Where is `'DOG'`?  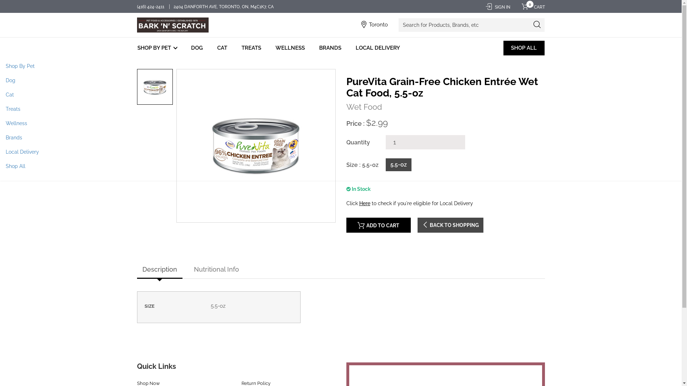
'DOG' is located at coordinates (189, 48).